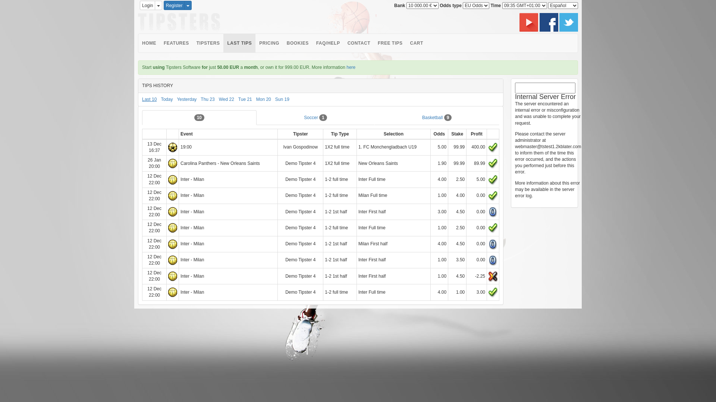 Image resolution: width=716 pixels, height=402 pixels. Describe the element at coordinates (138, 43) in the screenshot. I see `'HOME'` at that location.